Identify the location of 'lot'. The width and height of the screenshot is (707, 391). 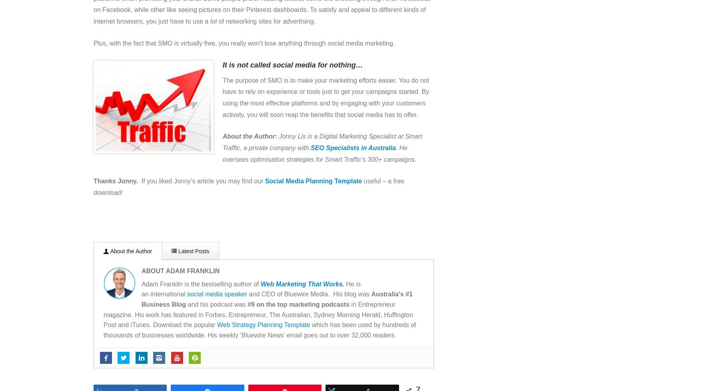
(209, 21).